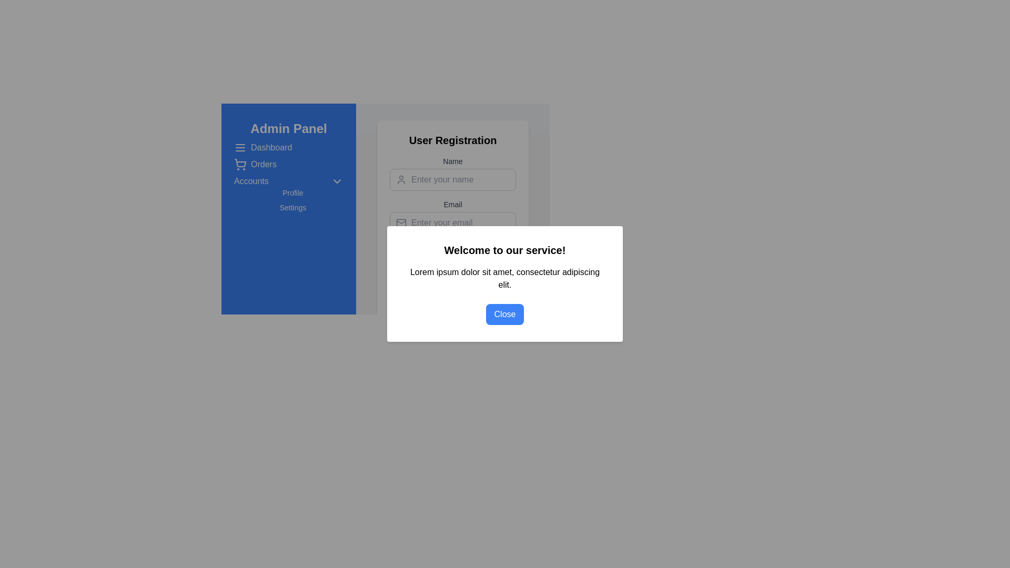 Image resolution: width=1010 pixels, height=568 pixels. Describe the element at coordinates (288, 194) in the screenshot. I see `the interactive menu option link for navigating to the Profile page, which is the first item in the dropdown list under the 'Accounts' section of the side navigation panel` at that location.